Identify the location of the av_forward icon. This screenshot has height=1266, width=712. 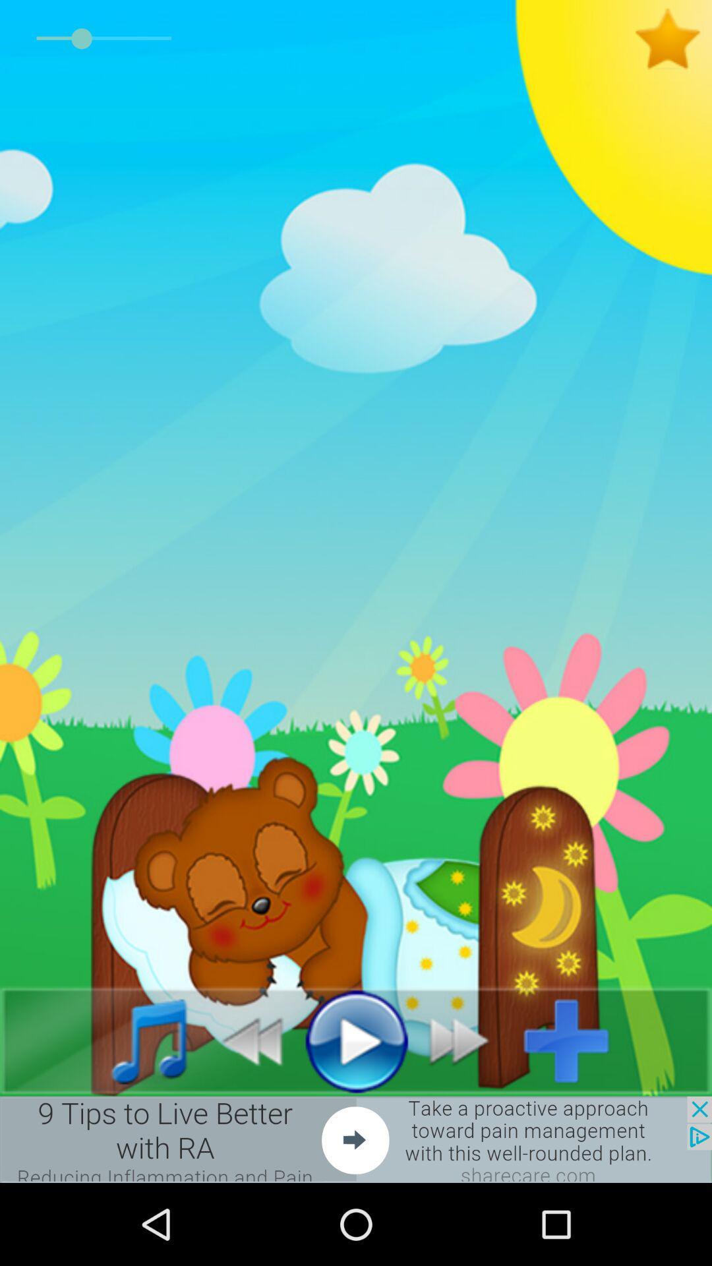
(466, 1040).